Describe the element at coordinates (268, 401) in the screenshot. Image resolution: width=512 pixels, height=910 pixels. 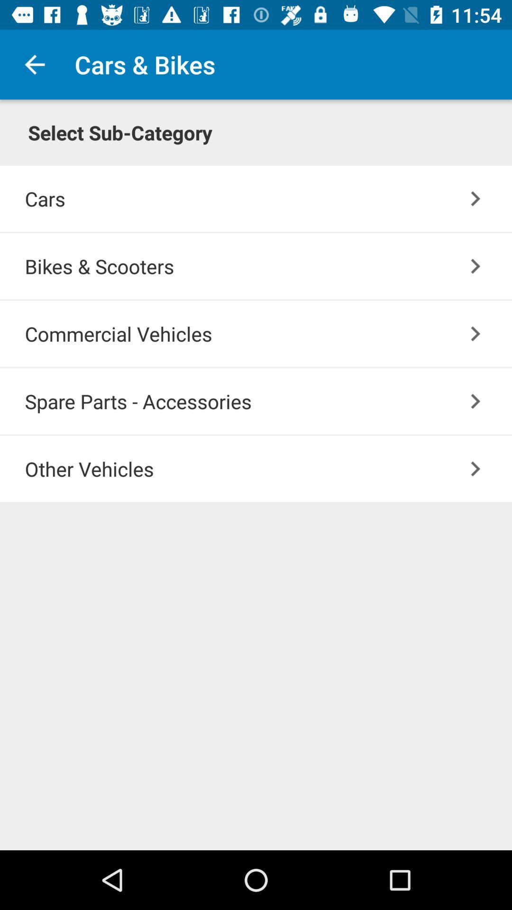
I see `the spare parts - accessories` at that location.